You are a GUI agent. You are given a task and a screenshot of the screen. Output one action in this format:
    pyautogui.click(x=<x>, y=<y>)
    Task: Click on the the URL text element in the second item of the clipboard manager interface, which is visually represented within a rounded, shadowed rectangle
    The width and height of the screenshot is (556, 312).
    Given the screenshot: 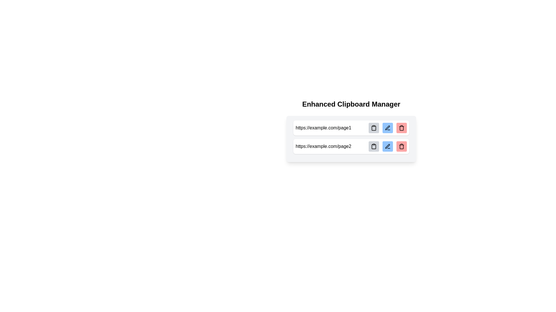 What is the action you would take?
    pyautogui.click(x=323, y=146)
    